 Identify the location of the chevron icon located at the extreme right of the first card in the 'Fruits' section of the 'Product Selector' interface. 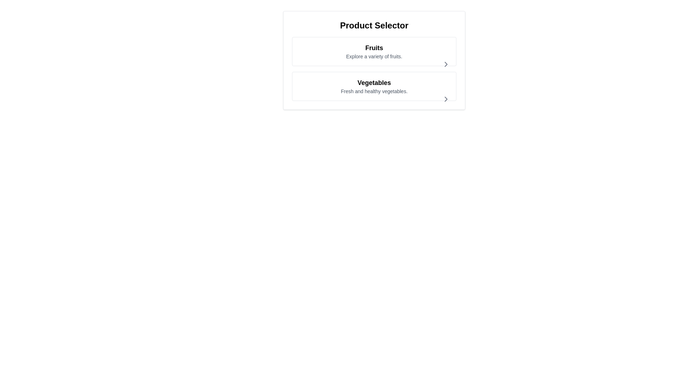
(445, 64).